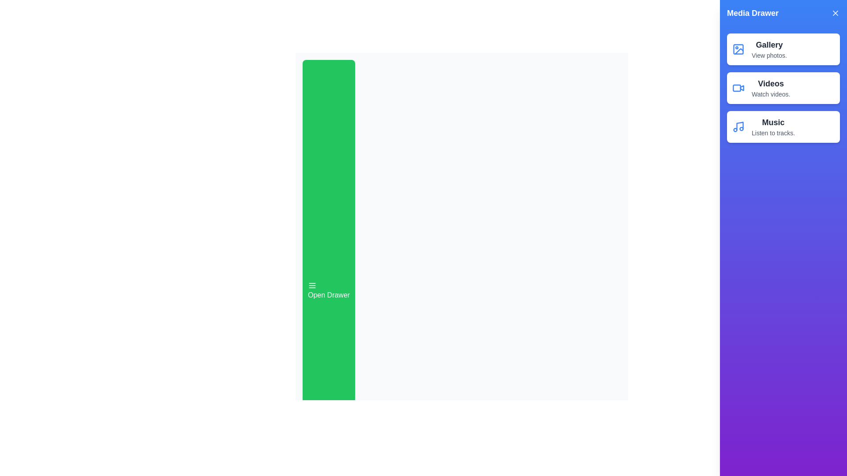  I want to click on the close button in the top-right corner of the drawer to close it, so click(835, 13).